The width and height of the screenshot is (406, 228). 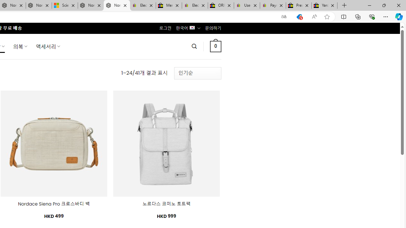 I want to click on 'This site has coupons! Shopping in Microsoft Edge, 5', so click(x=299, y=16).